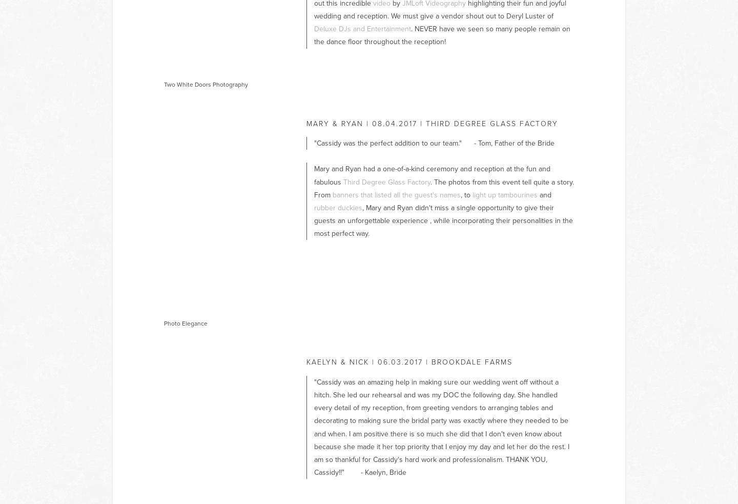  I want to click on '"Cassidy was an amazing help in making sure our wedding went off without a hitch. She led our rehearsal and was my DOC the following day. She handled every detail of my reception, from greeting vendors to arranging tables and decorating to making sure the bridal party was exactly where they needed to be and when. I am positive there is so much she did that I don't even know about because she made it her top priority that I enjoy my day and let her do the rest. I am so thankful for Cassidy's hard work and professionalism. THANK YOU, Cassidy!!"        - Kaelyn, Bride', so click(441, 427).